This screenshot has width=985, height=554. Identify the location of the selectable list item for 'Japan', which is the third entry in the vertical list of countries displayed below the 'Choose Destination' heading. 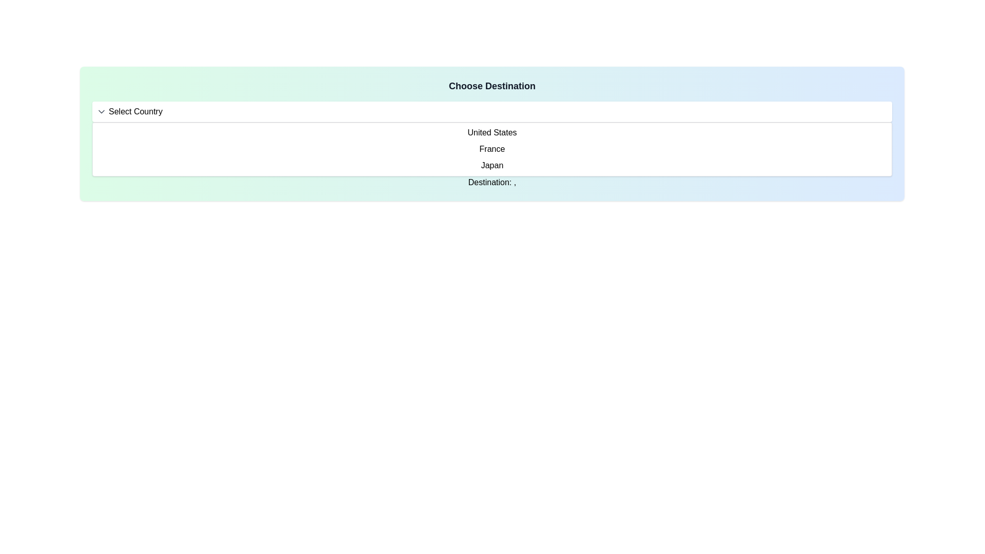
(491, 165).